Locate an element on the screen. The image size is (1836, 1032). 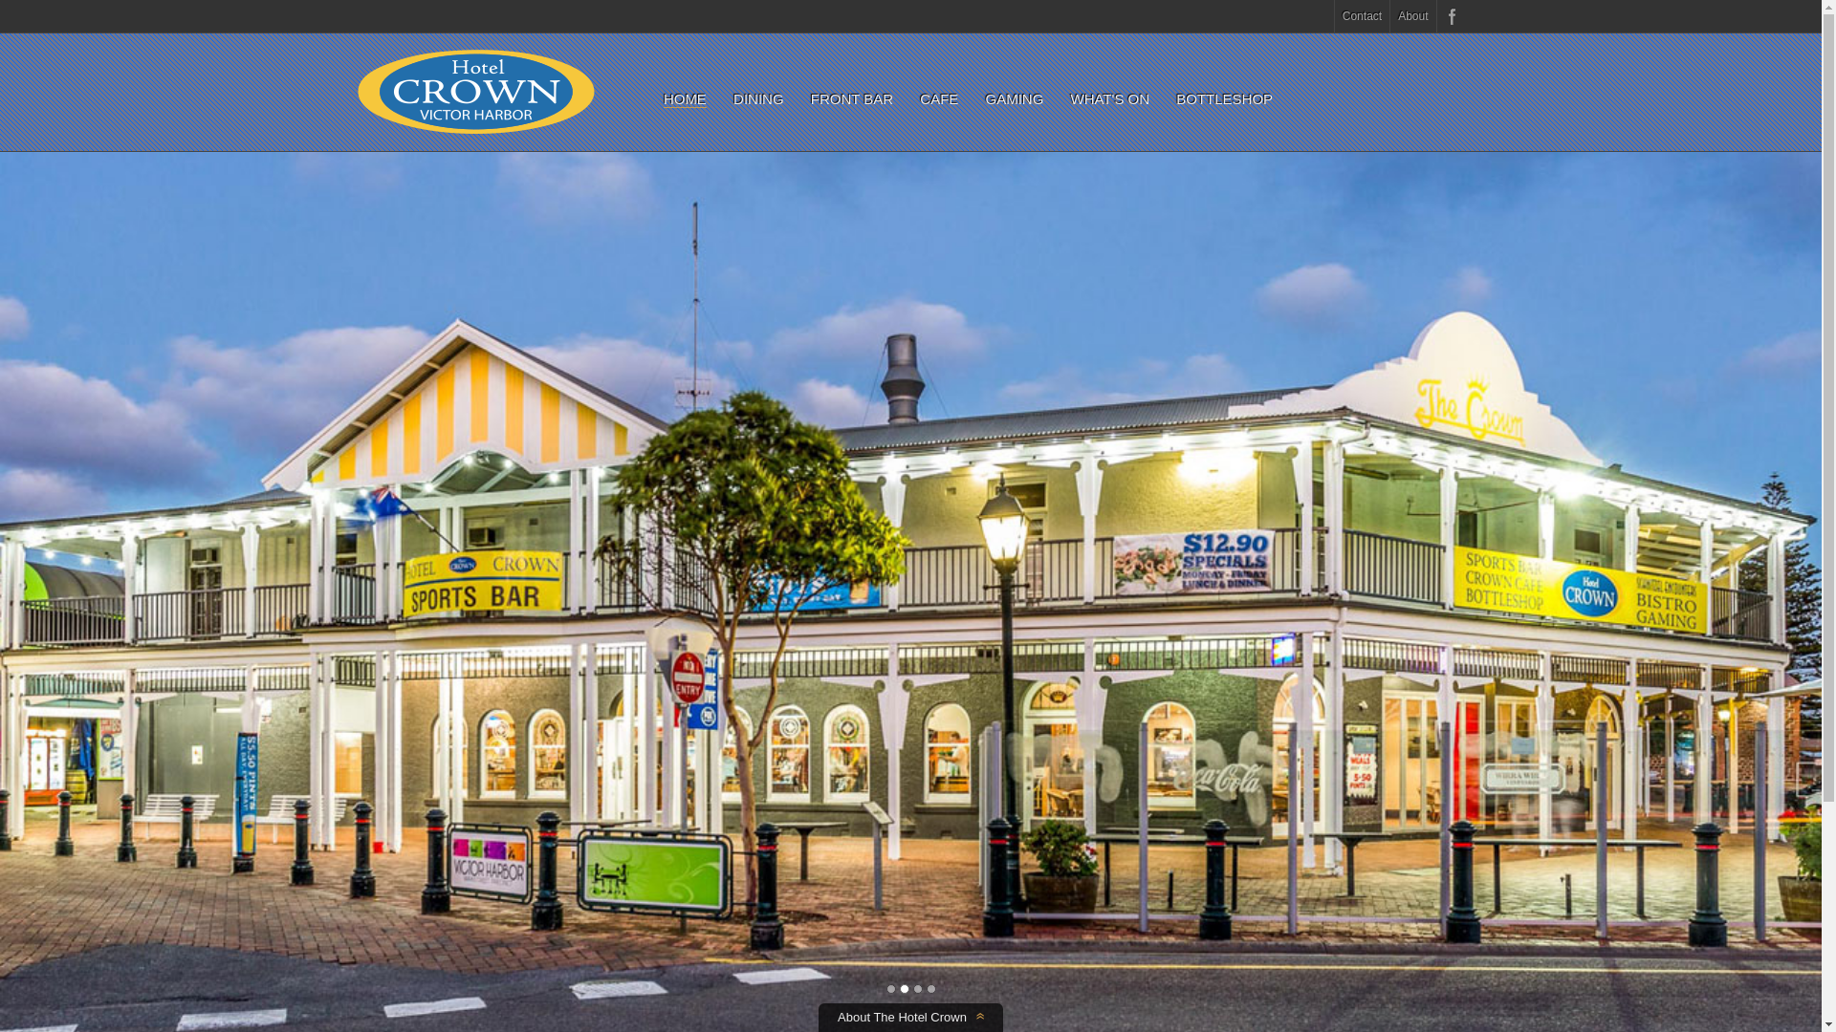
'3' is located at coordinates (916, 988).